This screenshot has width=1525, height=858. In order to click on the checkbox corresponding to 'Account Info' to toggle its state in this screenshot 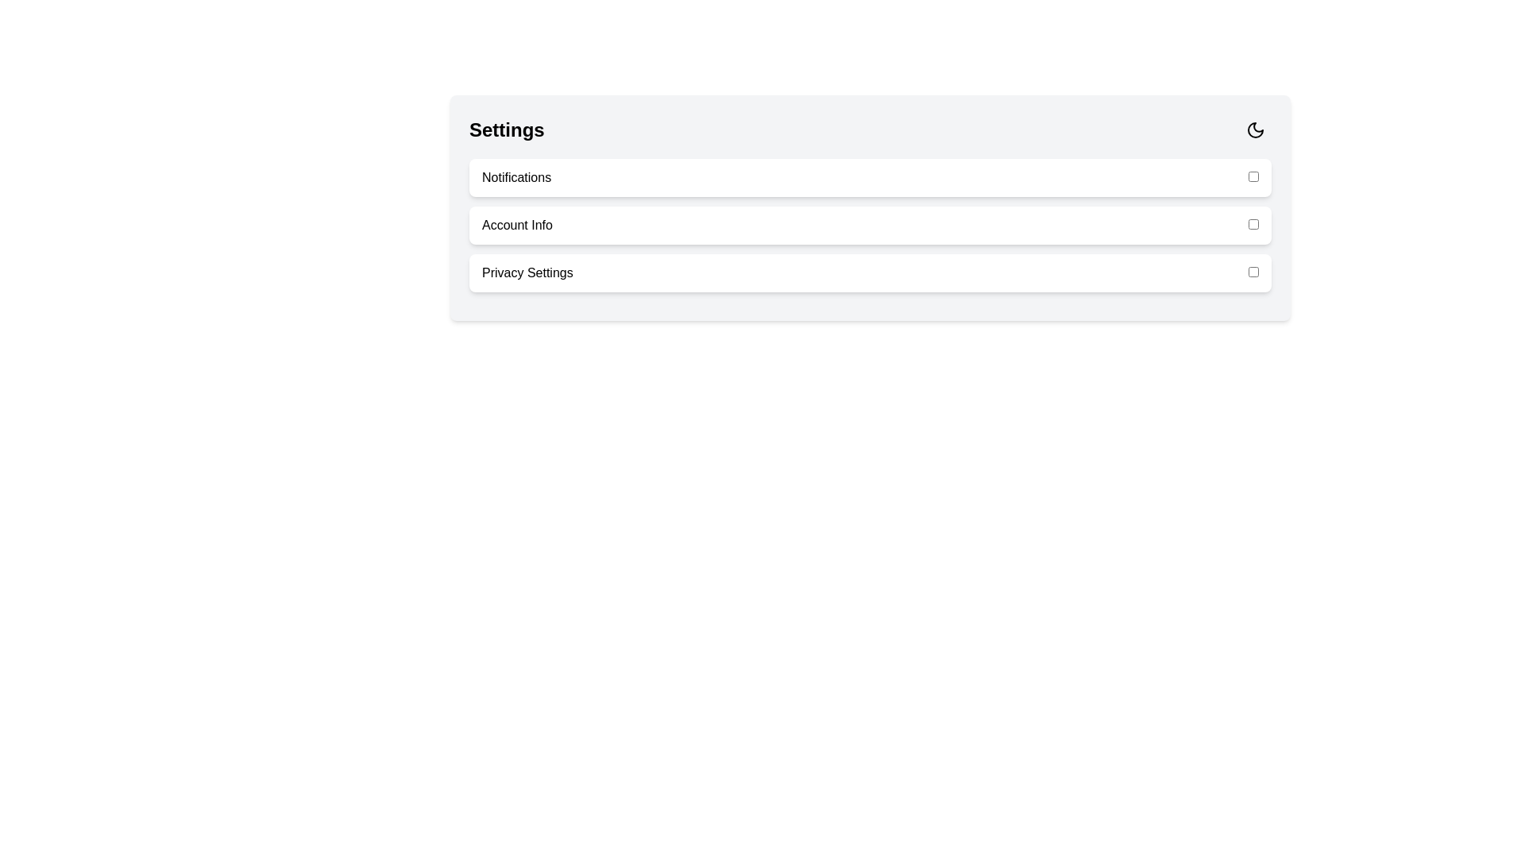, I will do `click(1253, 224)`.